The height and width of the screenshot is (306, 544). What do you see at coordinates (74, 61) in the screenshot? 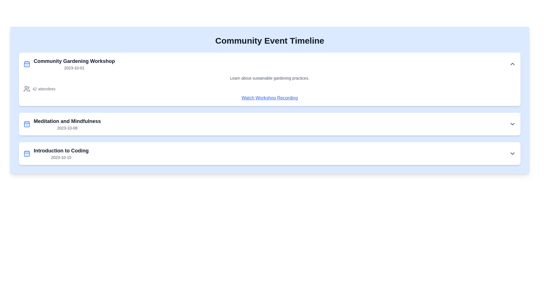
I see `the text element displaying the title 'Community Gardening Workshop', which is located in the upper-left of the event card` at bounding box center [74, 61].